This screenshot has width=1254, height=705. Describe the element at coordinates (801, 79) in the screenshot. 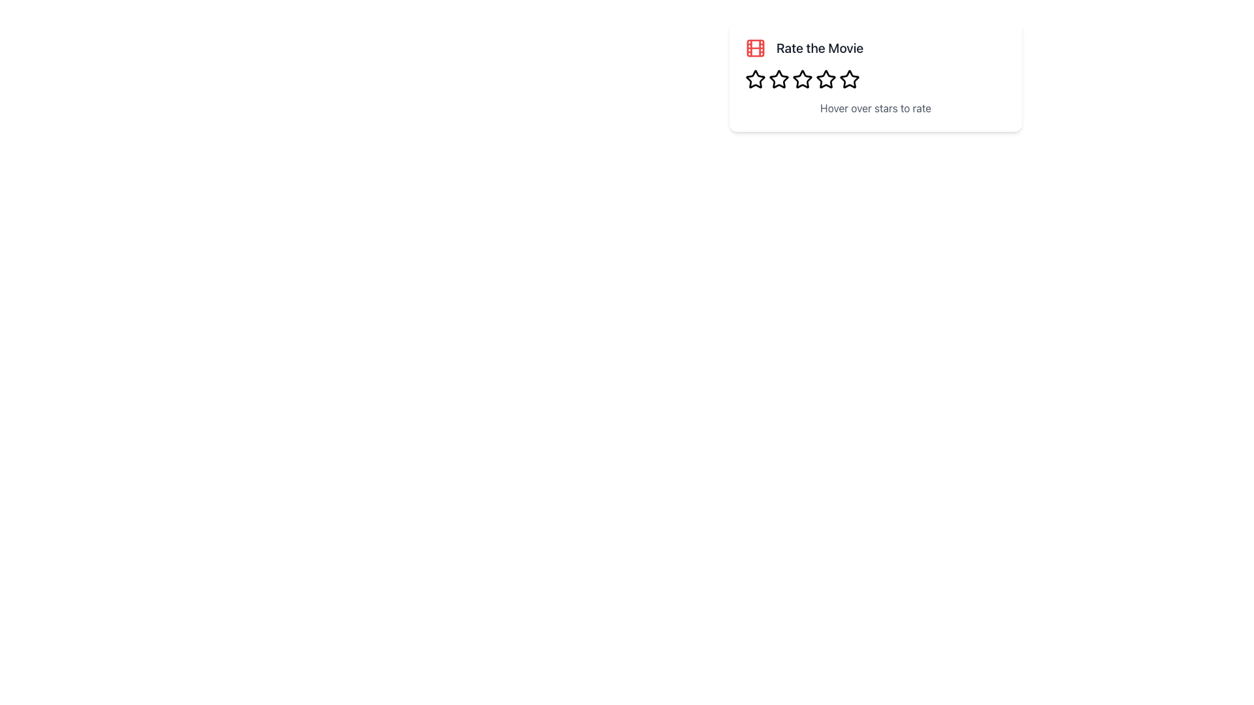

I see `the second star icon for ratings` at that location.